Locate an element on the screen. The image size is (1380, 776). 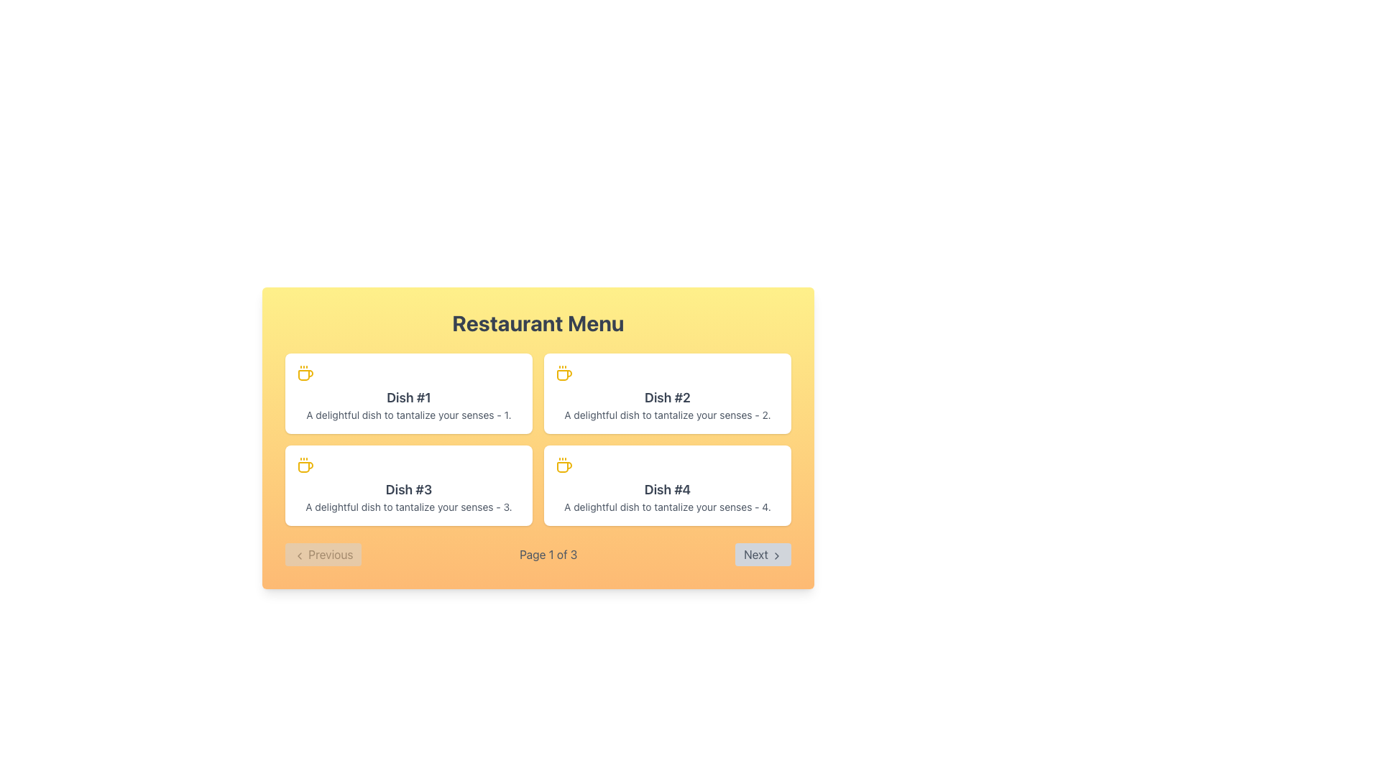
the text label displaying 'Dish #4' in bold, large gray font located in the bottom-right card of the 2x2 grid under 'Restaurant Menu' for additional details is located at coordinates (667, 489).